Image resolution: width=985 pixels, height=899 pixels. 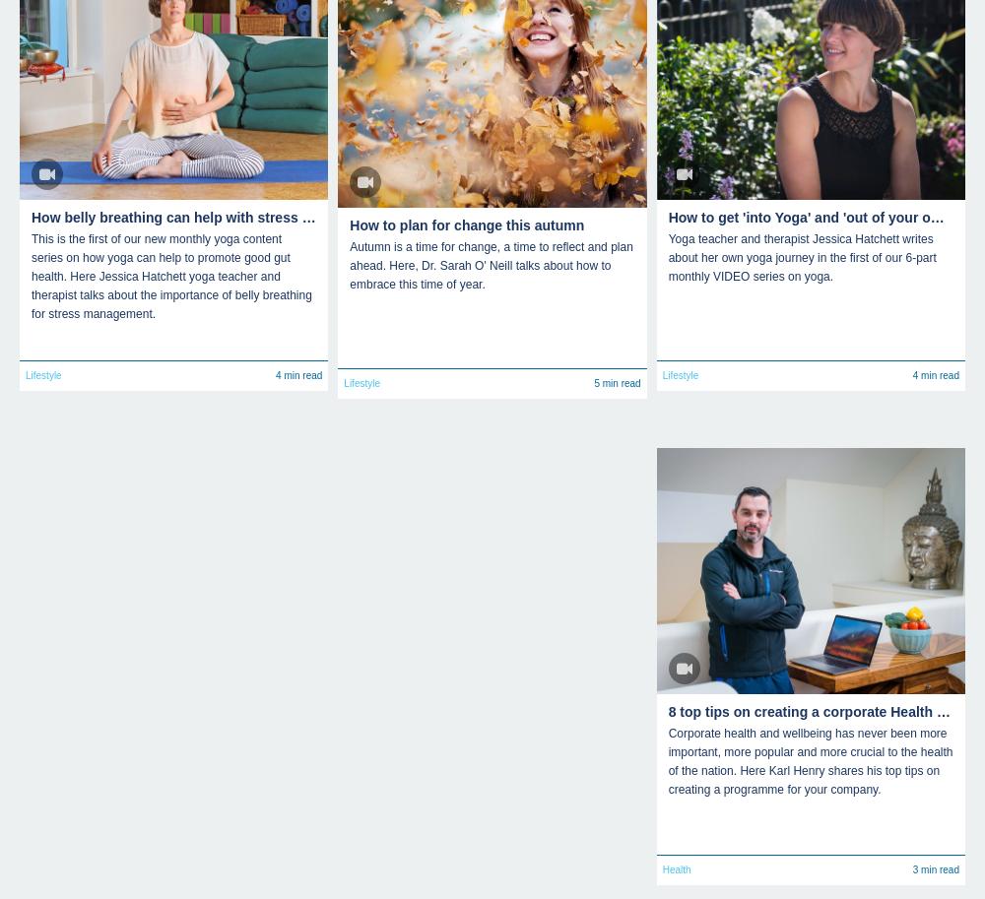 I want to click on 'How to plan for change this autumn', so click(x=466, y=224).